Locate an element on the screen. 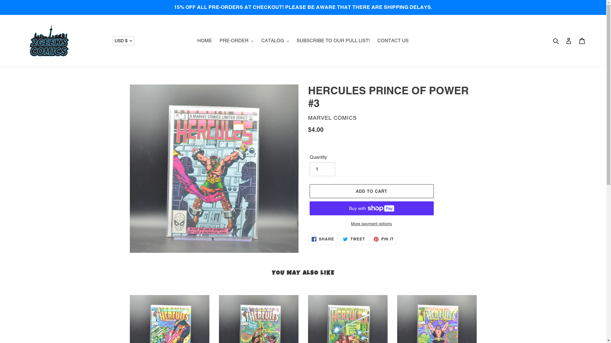 Image resolution: width=611 pixels, height=343 pixels. 'USD $' is located at coordinates (123, 41).